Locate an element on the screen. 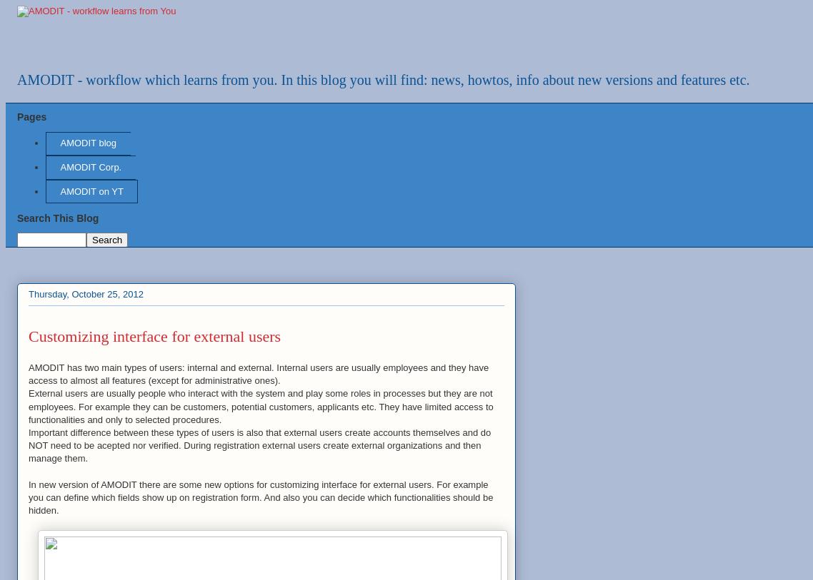 This screenshot has height=580, width=813. 'Thursday, October 25, 2012' is located at coordinates (85, 293).